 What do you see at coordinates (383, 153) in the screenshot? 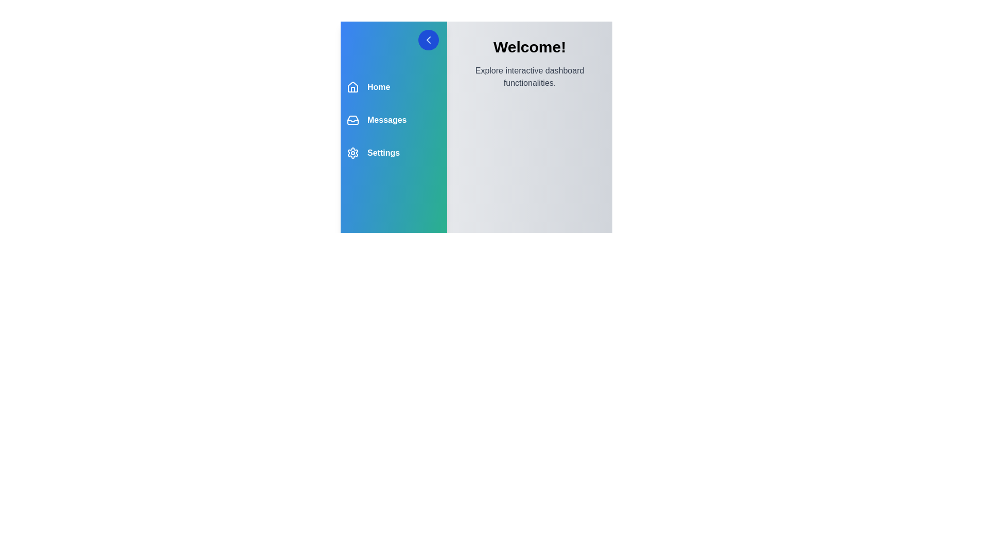
I see `the 'Settings' text label in the vertical navigation bar` at bounding box center [383, 153].